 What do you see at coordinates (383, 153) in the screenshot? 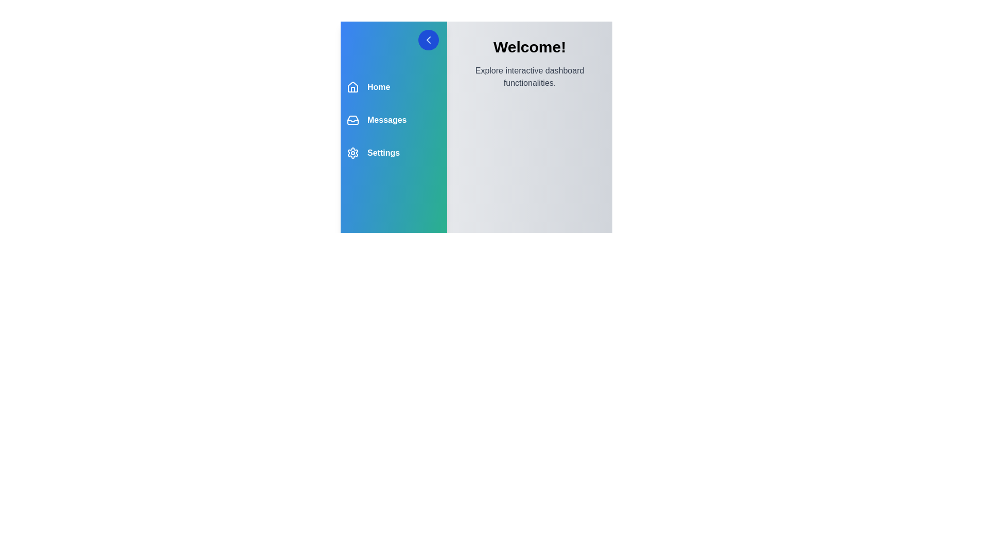
I see `the 'Settings' text label in the vertical navigation bar` at bounding box center [383, 153].